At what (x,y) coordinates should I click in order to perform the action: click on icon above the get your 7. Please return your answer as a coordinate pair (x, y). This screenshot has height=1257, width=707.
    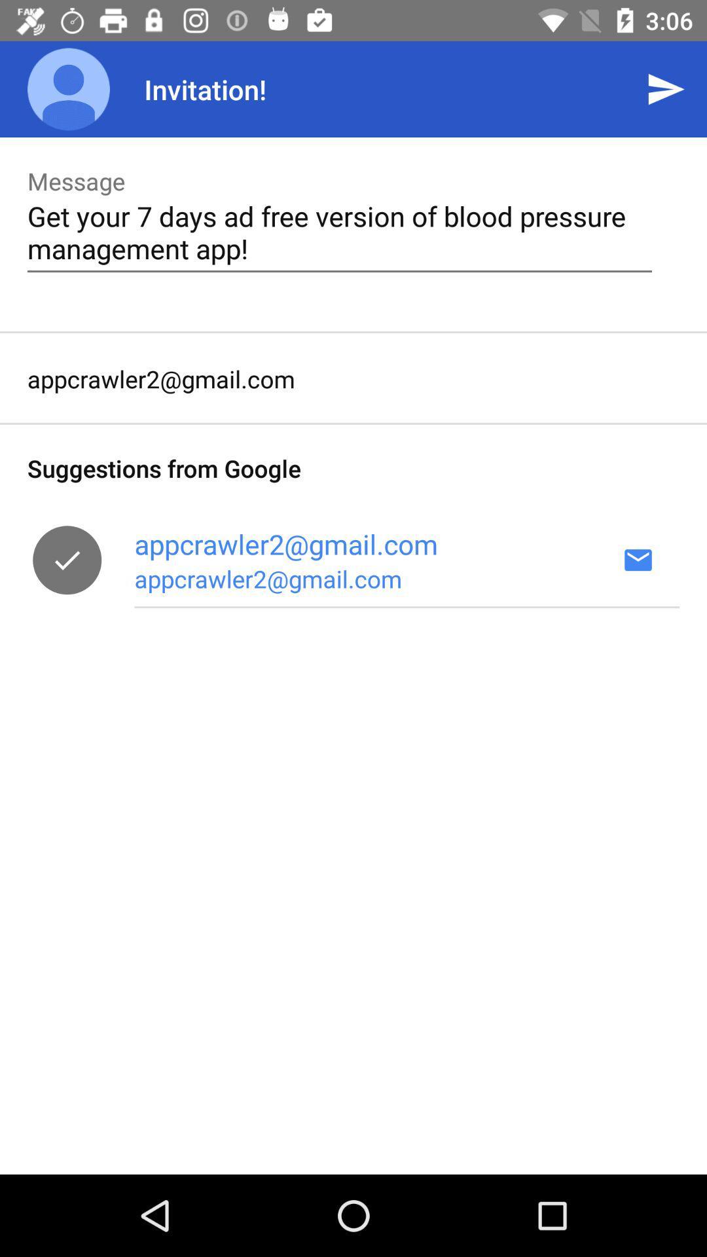
    Looking at the image, I should click on (666, 88).